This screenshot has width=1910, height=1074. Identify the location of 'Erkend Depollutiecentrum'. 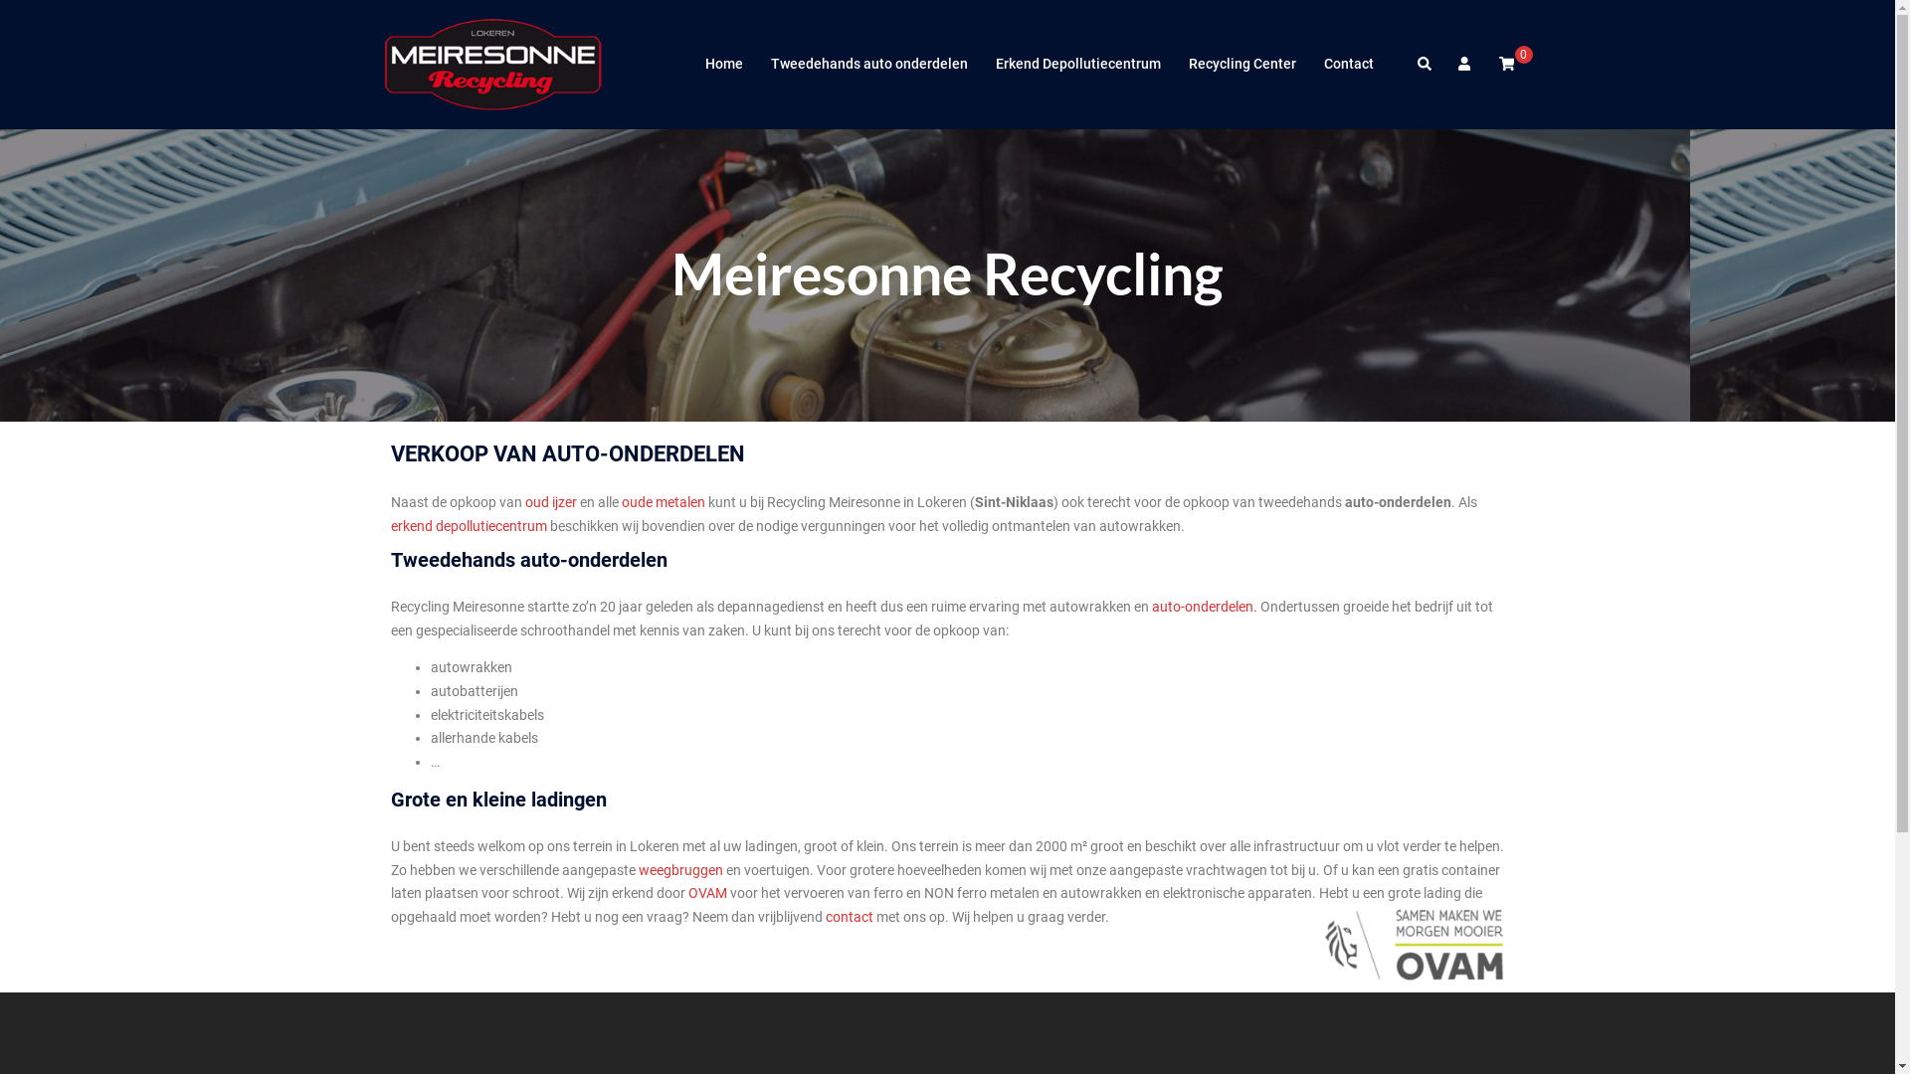
(1076, 64).